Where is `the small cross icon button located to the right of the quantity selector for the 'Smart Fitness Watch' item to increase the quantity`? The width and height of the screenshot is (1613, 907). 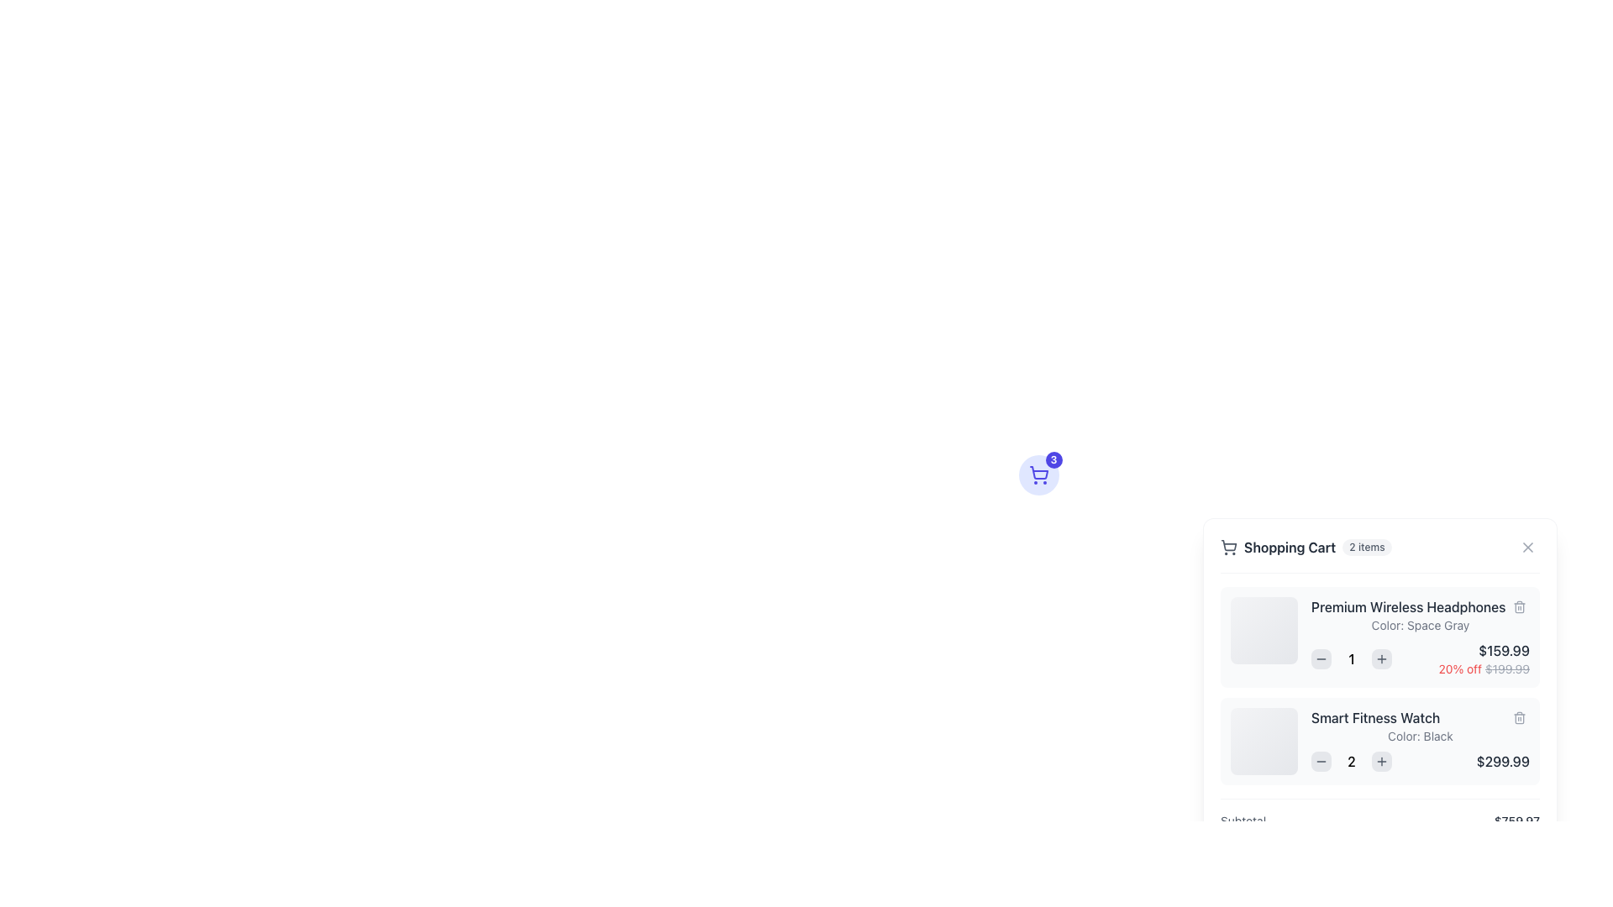 the small cross icon button located to the right of the quantity selector for the 'Smart Fitness Watch' item to increase the quantity is located at coordinates (1382, 761).